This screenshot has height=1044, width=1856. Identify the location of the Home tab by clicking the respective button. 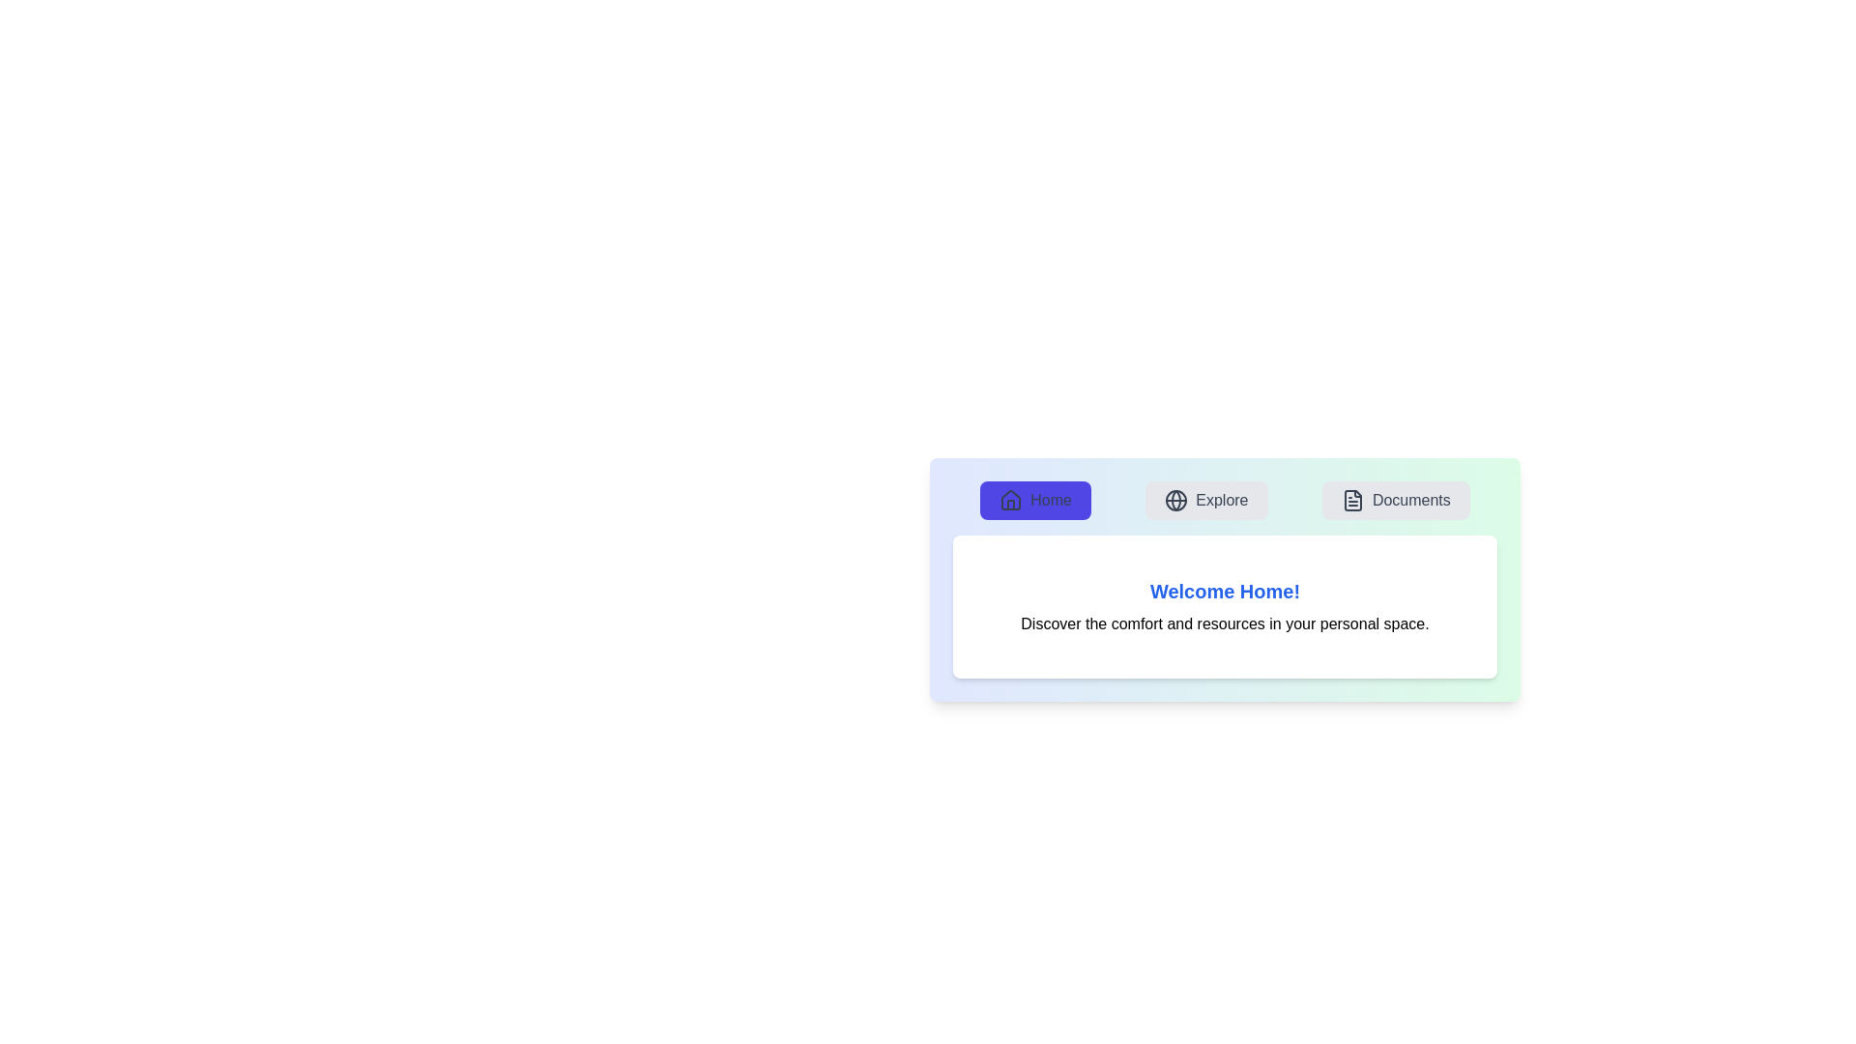
(1034, 499).